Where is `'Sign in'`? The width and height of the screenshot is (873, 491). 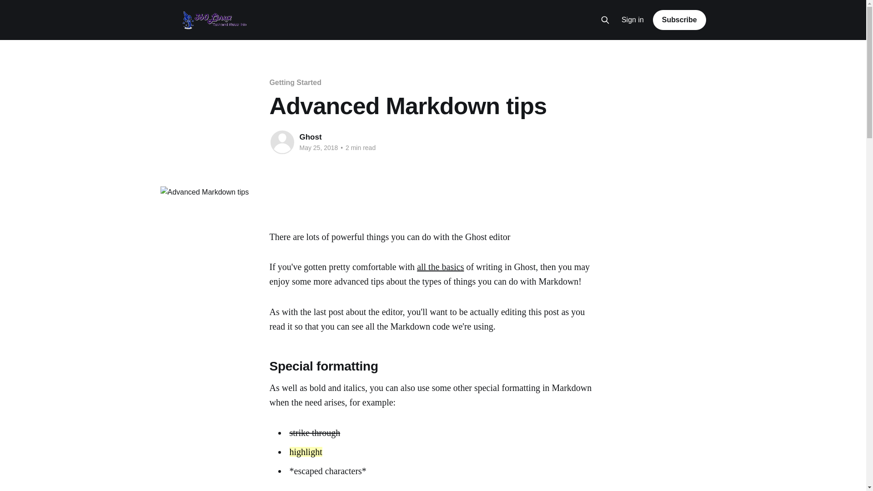
'Sign in' is located at coordinates (632, 20).